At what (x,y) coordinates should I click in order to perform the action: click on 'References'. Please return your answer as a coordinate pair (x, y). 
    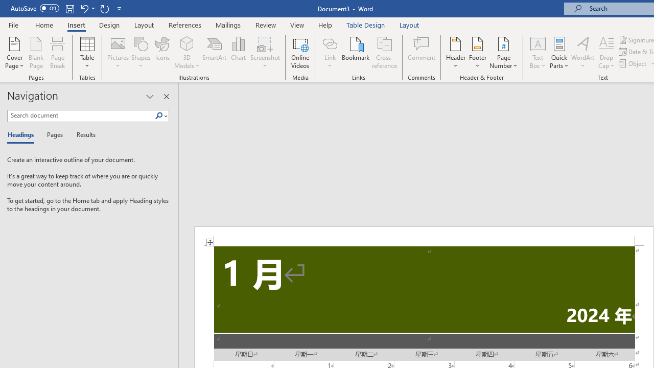
    Looking at the image, I should click on (185, 25).